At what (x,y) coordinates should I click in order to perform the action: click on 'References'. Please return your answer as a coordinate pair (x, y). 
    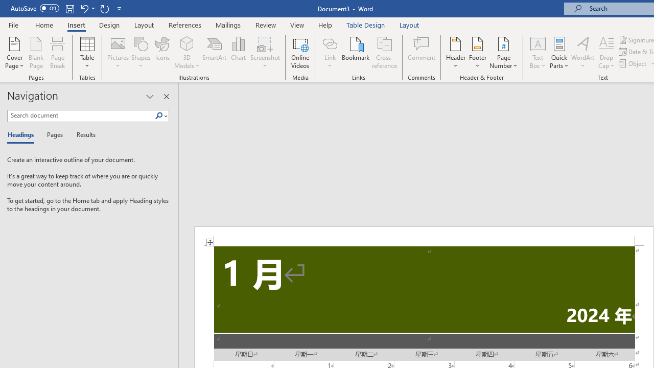
    Looking at the image, I should click on (185, 25).